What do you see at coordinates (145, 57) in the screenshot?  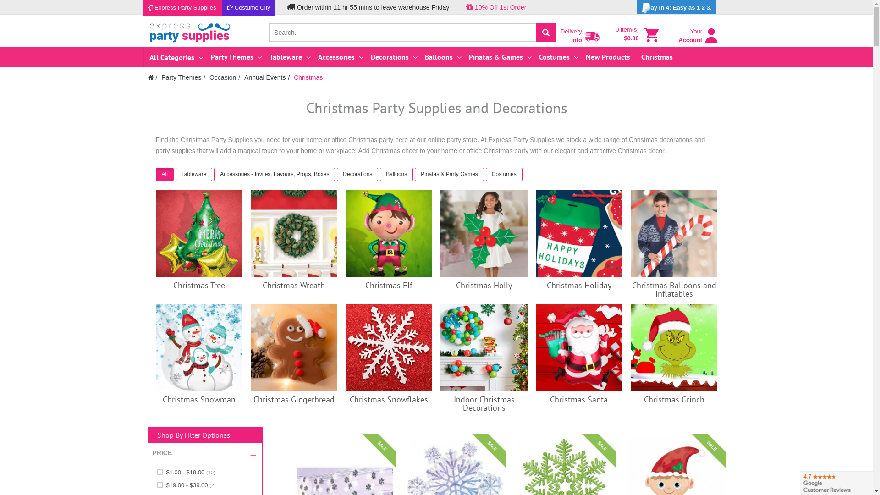 I see `'All Categories'` at bounding box center [145, 57].